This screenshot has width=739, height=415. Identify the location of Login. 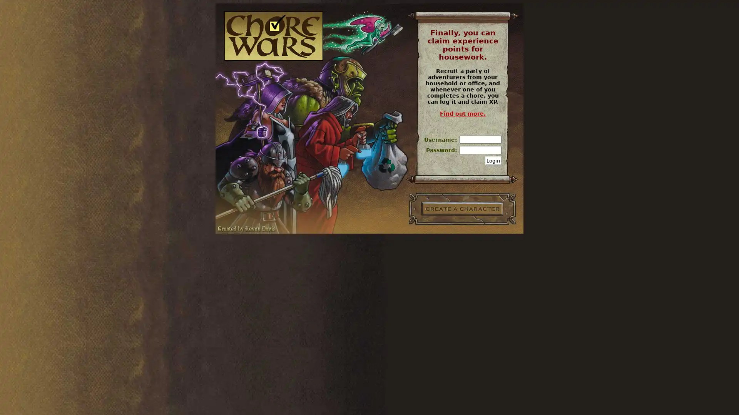
(493, 160).